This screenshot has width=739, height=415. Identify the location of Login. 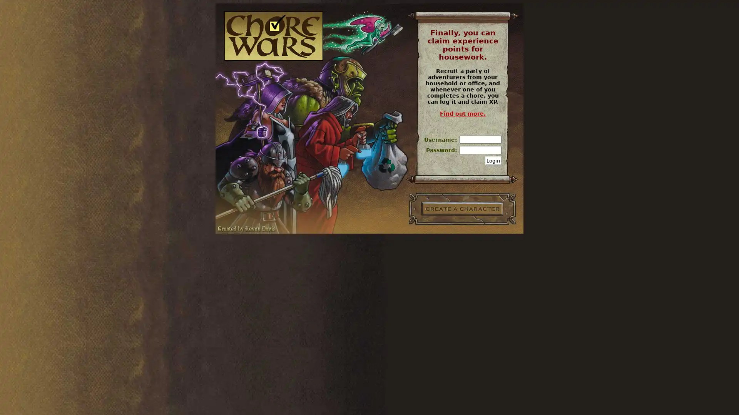
(493, 160).